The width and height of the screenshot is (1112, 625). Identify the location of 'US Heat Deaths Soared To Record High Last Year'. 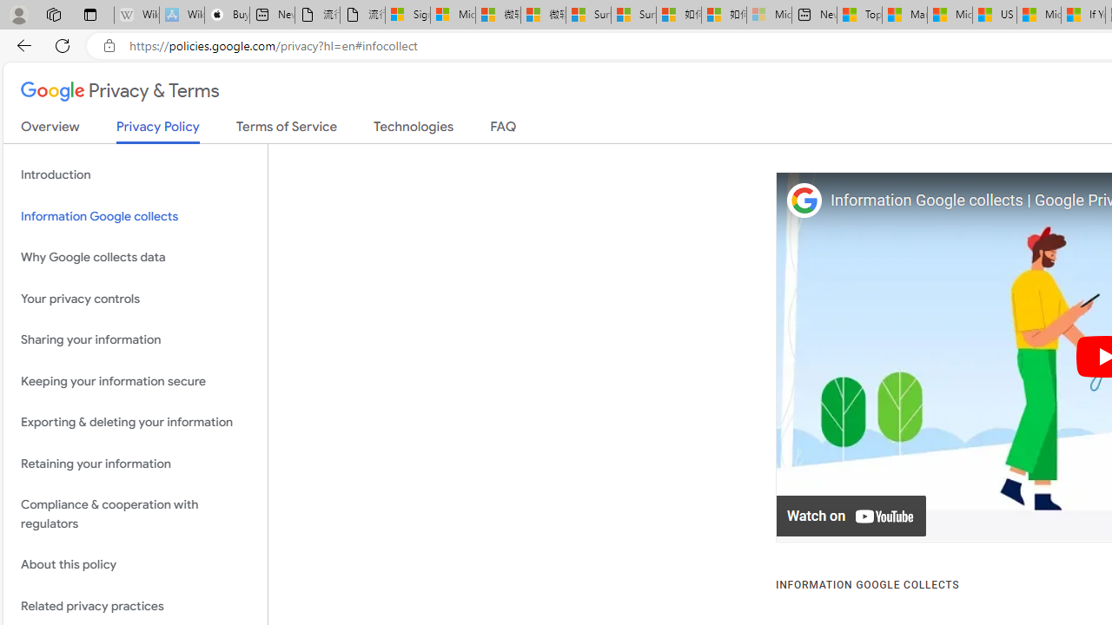
(994, 15).